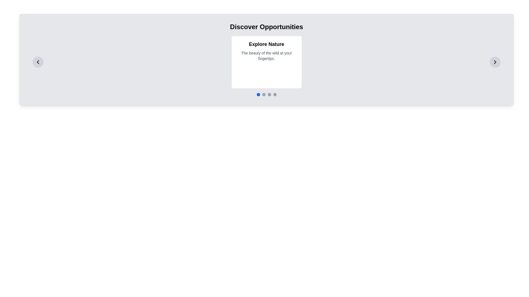 This screenshot has height=297, width=529. What do you see at coordinates (495, 62) in the screenshot?
I see `the rightward arrow chevron icon, which is part of the navigation component` at bounding box center [495, 62].